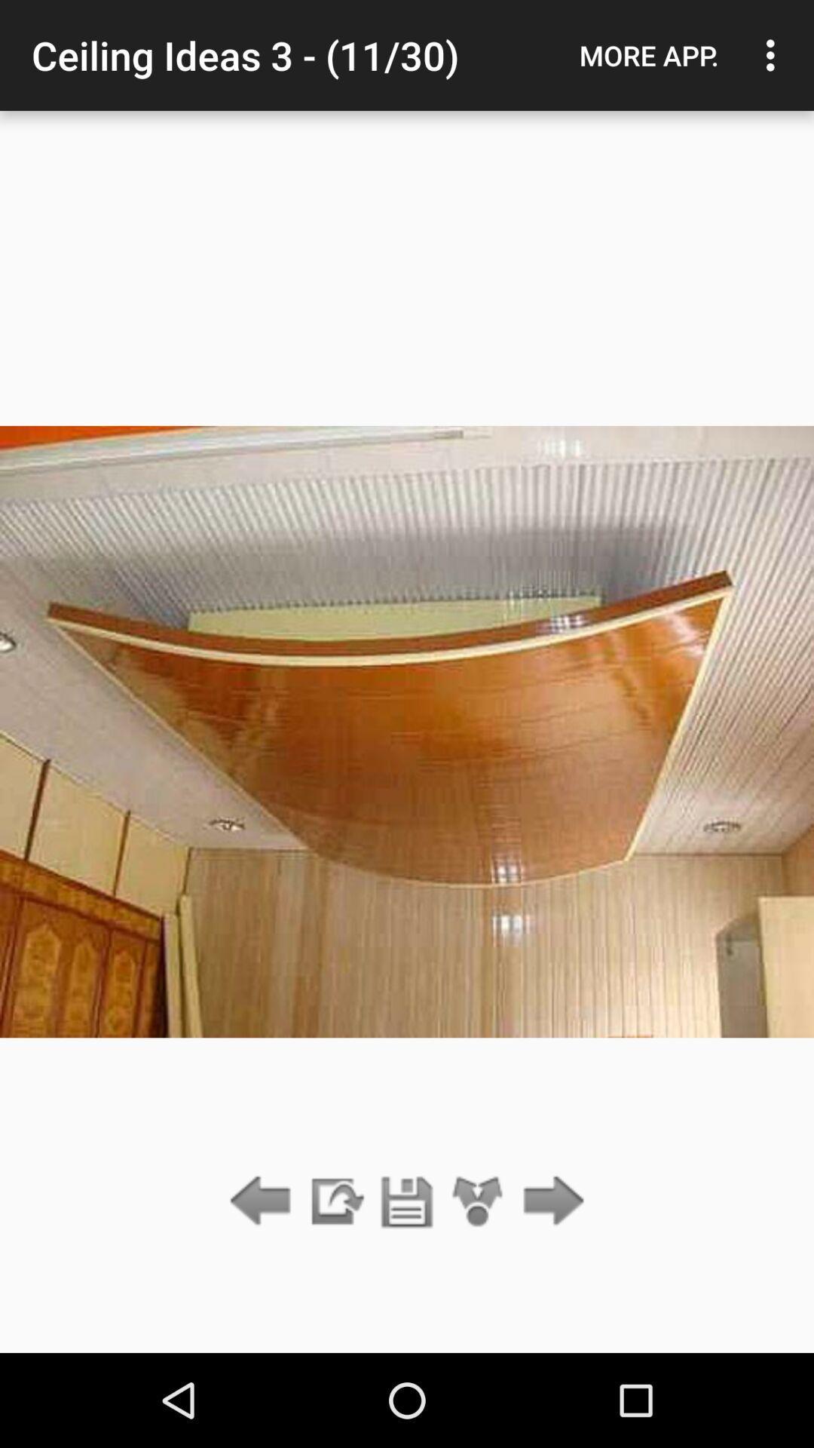 The width and height of the screenshot is (814, 1448). I want to click on download, so click(335, 1201).